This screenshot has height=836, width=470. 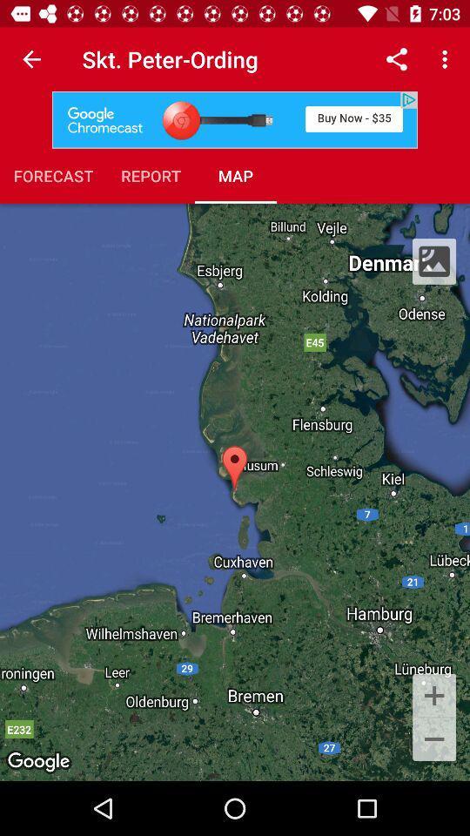 I want to click on icon to the right of the skt. peter-ording, so click(x=396, y=59).